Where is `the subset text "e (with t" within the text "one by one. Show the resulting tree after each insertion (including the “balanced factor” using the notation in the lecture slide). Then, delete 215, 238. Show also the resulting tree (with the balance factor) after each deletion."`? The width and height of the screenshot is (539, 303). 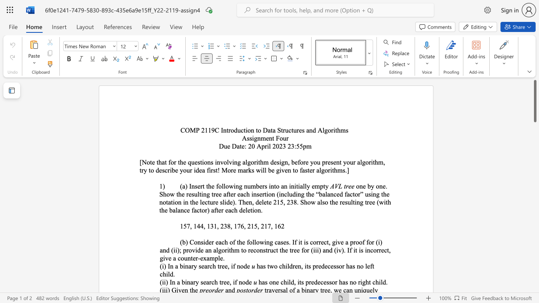
the subset text "e (with t" within the text "one by one. Show the resulting tree after each insertion (including the “balanced factor” using the notation in the lecture slide). Then, delete 215, 238. Show also the resulting tree (with the balance factor) after each deletion." is located at coordinates (371, 202).